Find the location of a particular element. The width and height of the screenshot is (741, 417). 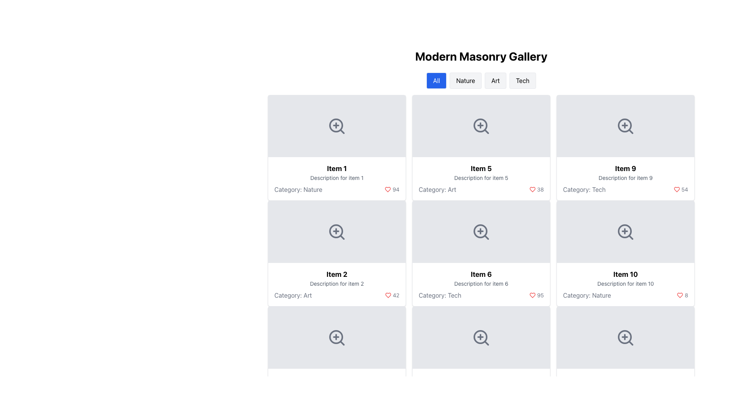

the text label that displays the category for 'Item 6', which is located in the bottom section of the item card, aligned left beneath the description text is located at coordinates (440, 295).